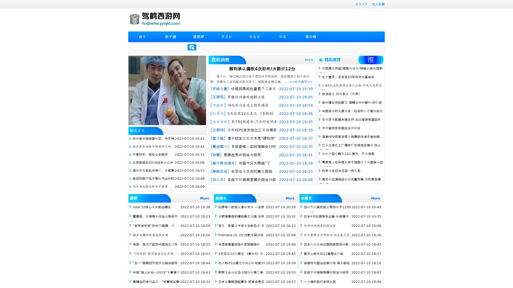  Describe the element at coordinates (192, 47) in the screenshot. I see `Search` at that location.